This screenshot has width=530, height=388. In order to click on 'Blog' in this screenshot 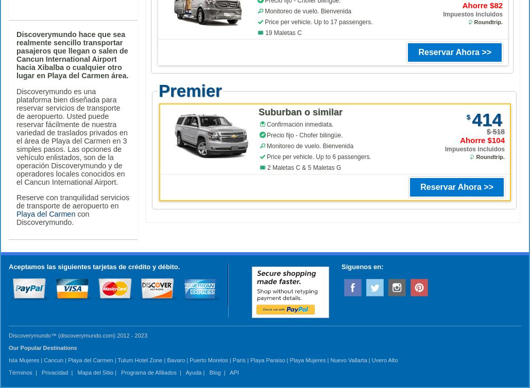, I will do `click(214, 372)`.